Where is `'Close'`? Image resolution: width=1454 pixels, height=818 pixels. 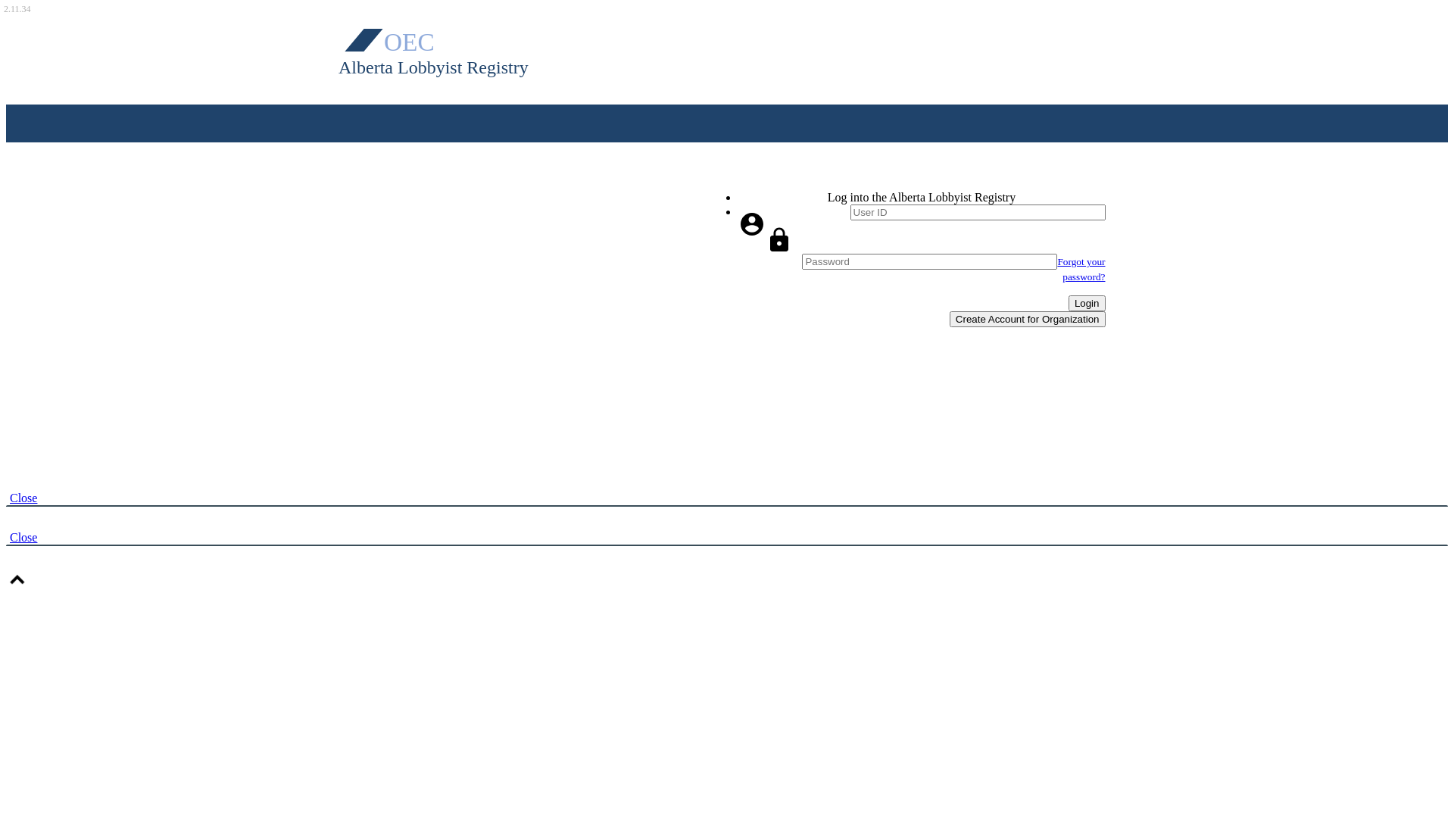 'Close' is located at coordinates (23, 536).